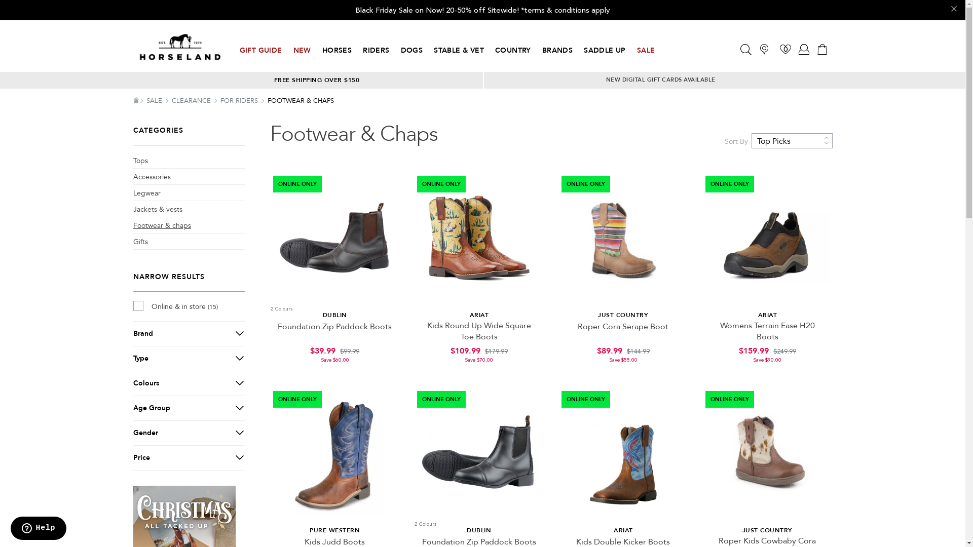 The width and height of the screenshot is (973, 547). What do you see at coordinates (513, 51) in the screenshot?
I see `'COUNTRY'` at bounding box center [513, 51].